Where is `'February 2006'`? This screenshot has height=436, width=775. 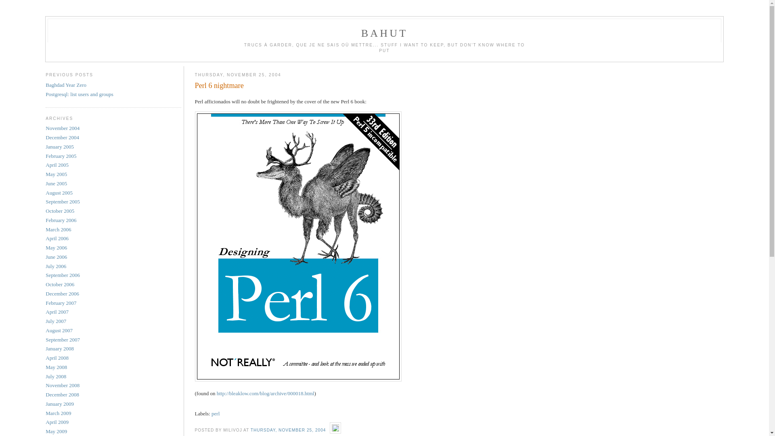 'February 2006' is located at coordinates (60, 220).